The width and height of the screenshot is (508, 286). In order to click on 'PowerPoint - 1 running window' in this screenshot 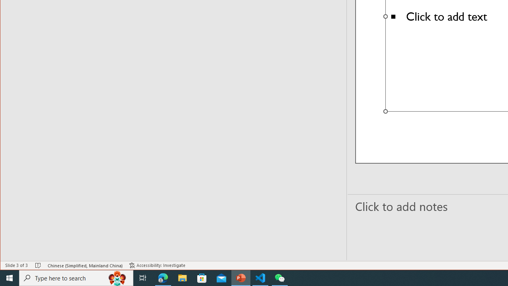, I will do `click(241, 277)`.